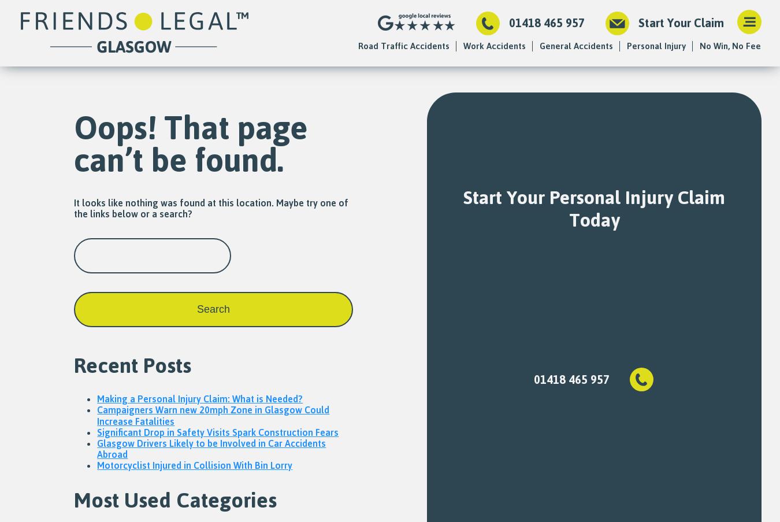 The image size is (780, 522). I want to click on 'Criminal Injuries', so click(570, 211).